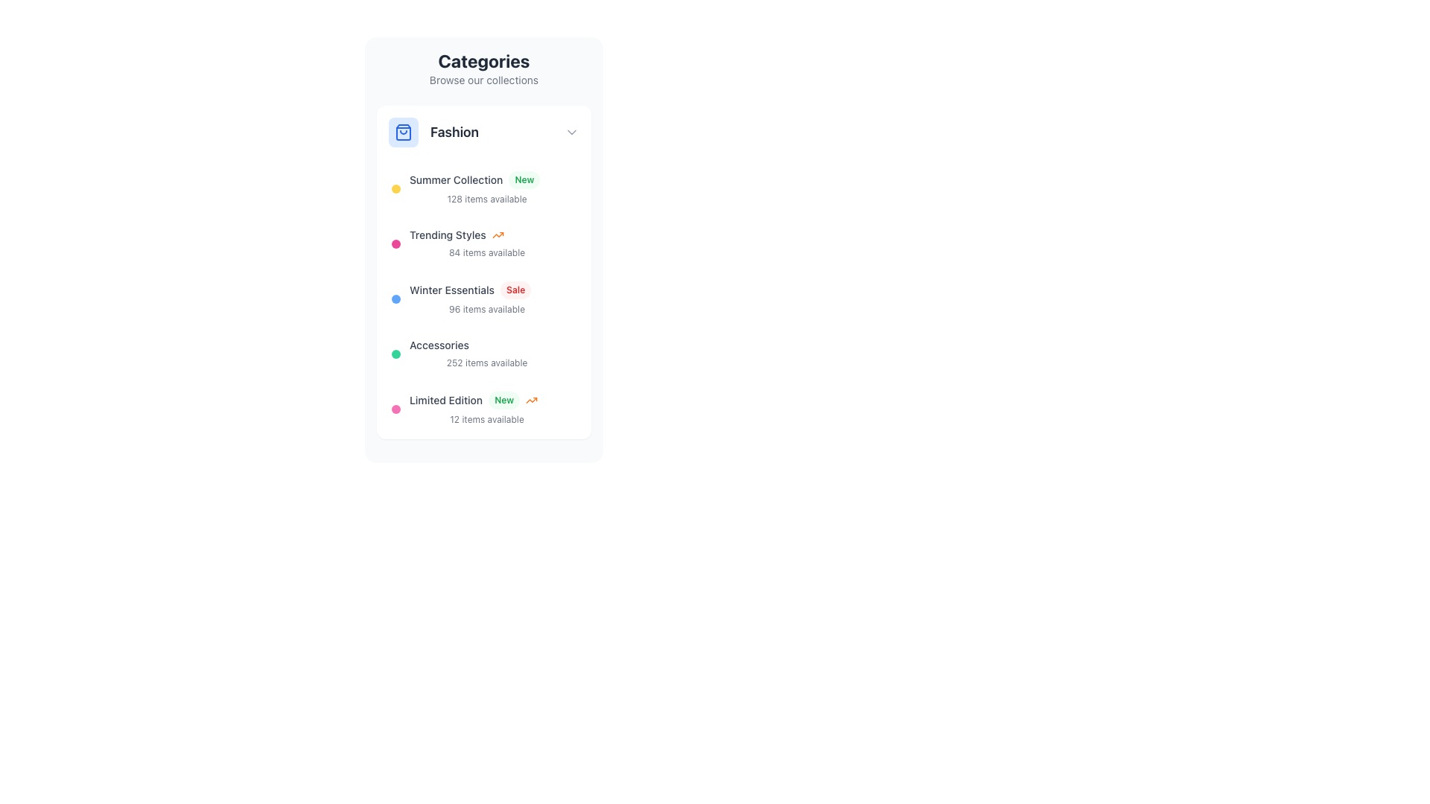  Describe the element at coordinates (475, 131) in the screenshot. I see `the 'Fashion' text label, which is in bold font and located next to a blue shopping bag icon in the 'Categories' list, to trigger a tooltip` at that location.